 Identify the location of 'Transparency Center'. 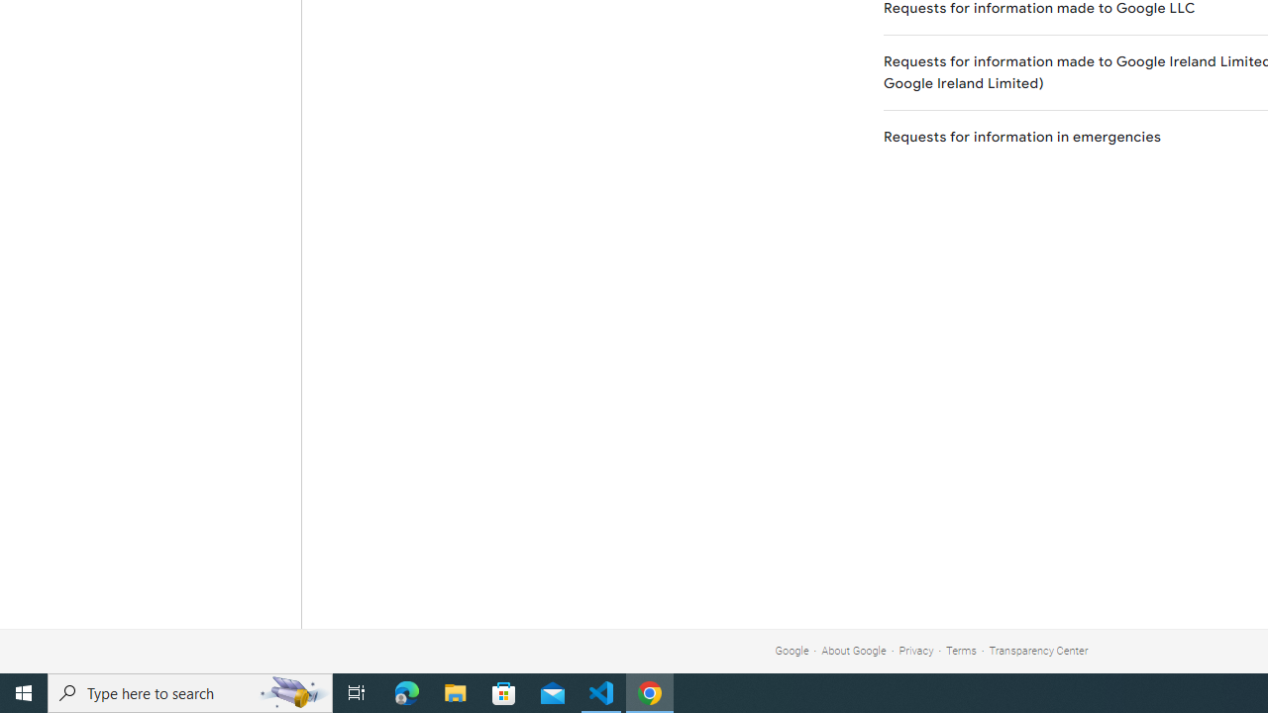
(1037, 651).